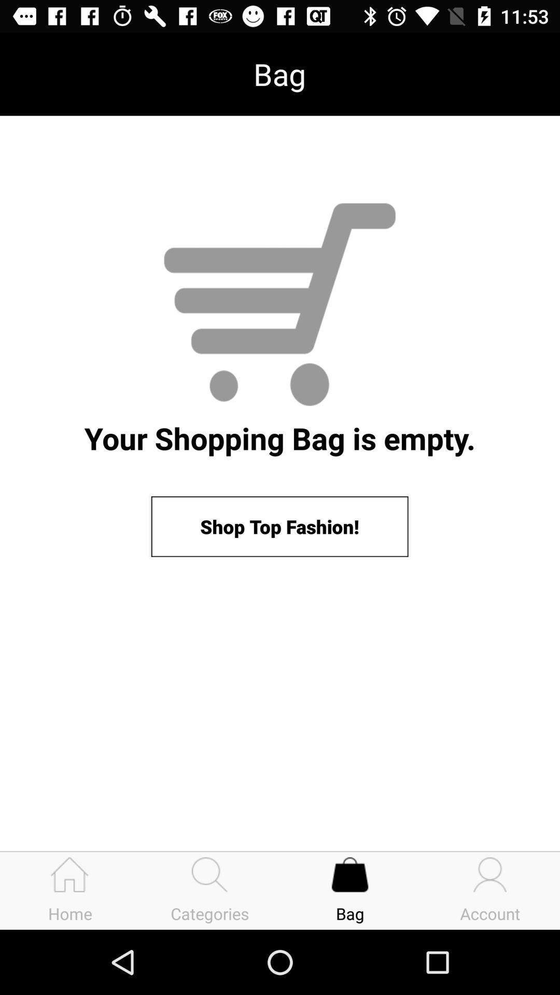 This screenshot has height=995, width=560. Describe the element at coordinates (279, 527) in the screenshot. I see `the shop top fashion! item` at that location.